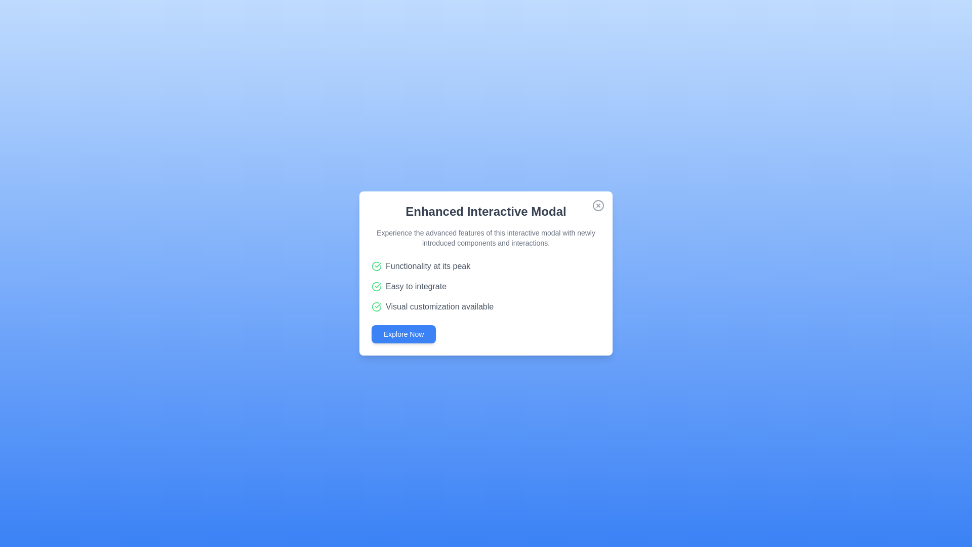 This screenshot has width=972, height=547. Describe the element at coordinates (376, 287) in the screenshot. I see `the circular green icon with a checkmark symbol, located to the left of the text 'Easy to integrate'` at that location.